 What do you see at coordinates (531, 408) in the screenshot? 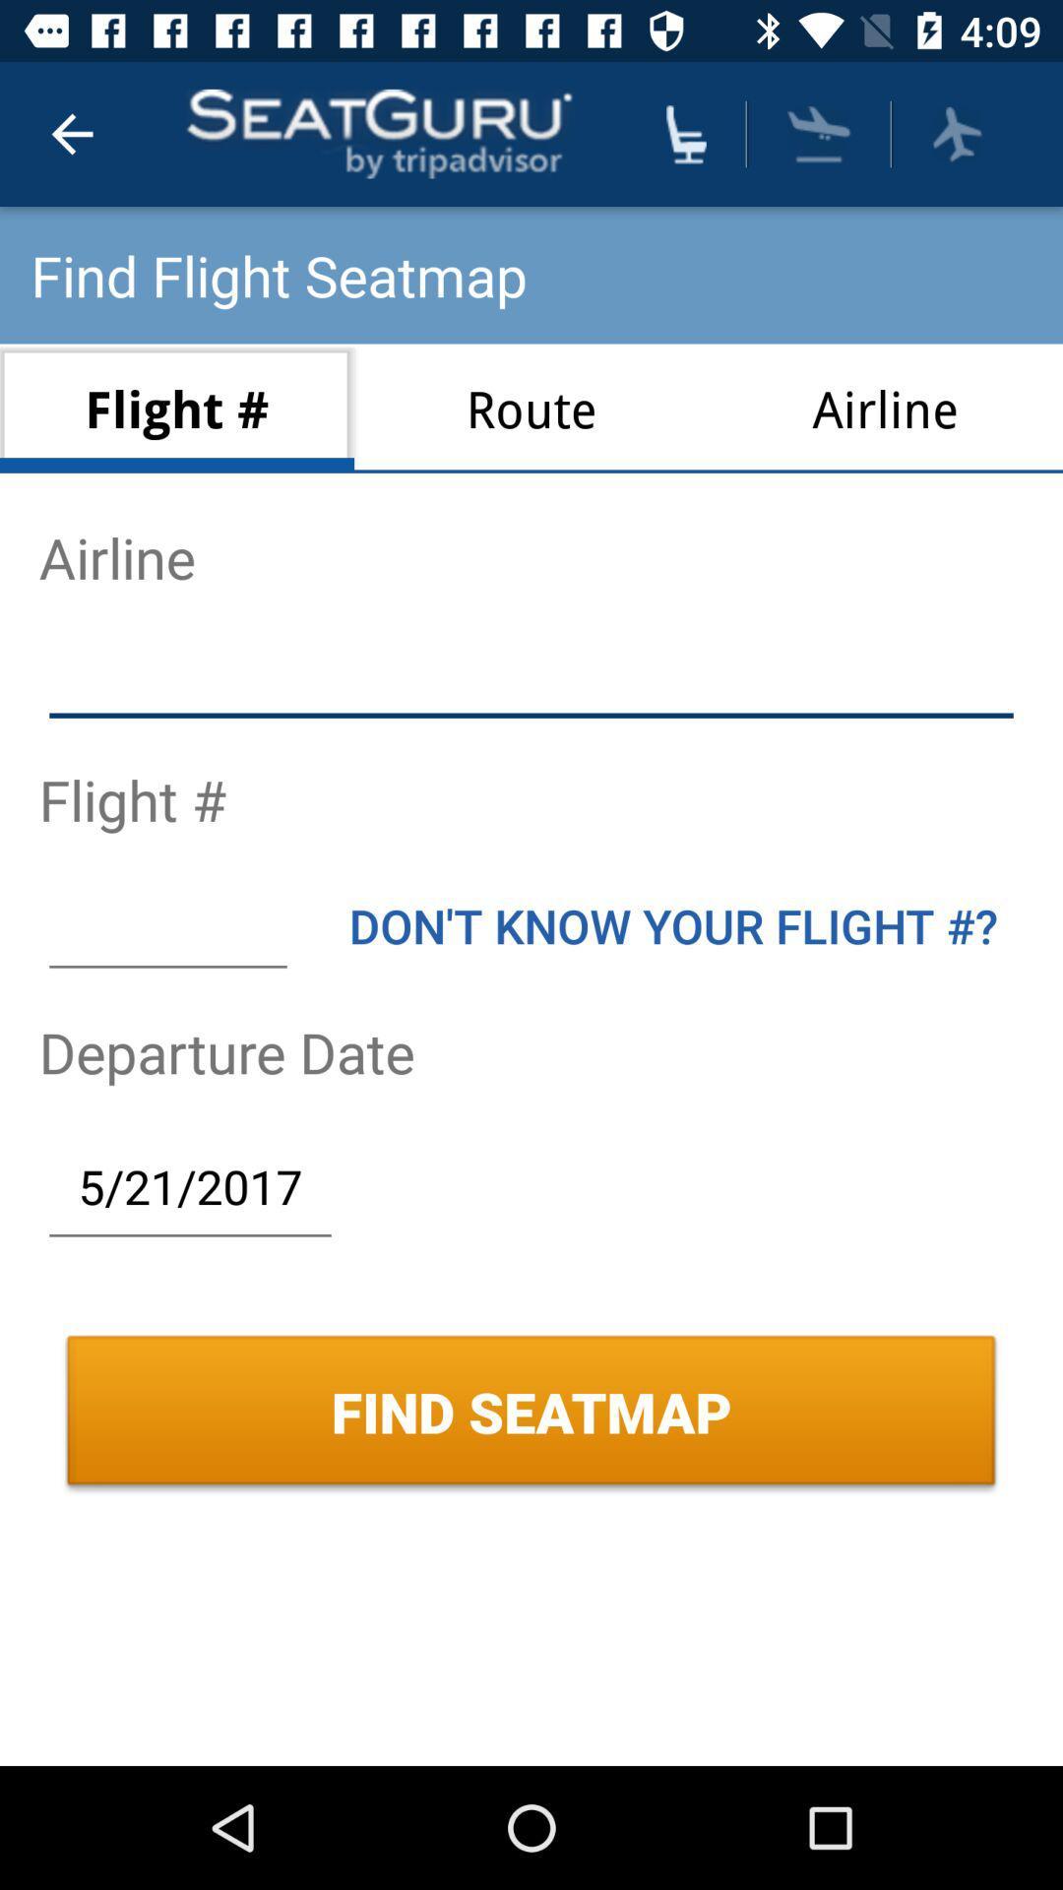
I see `icon below the find flight seatmap` at bounding box center [531, 408].